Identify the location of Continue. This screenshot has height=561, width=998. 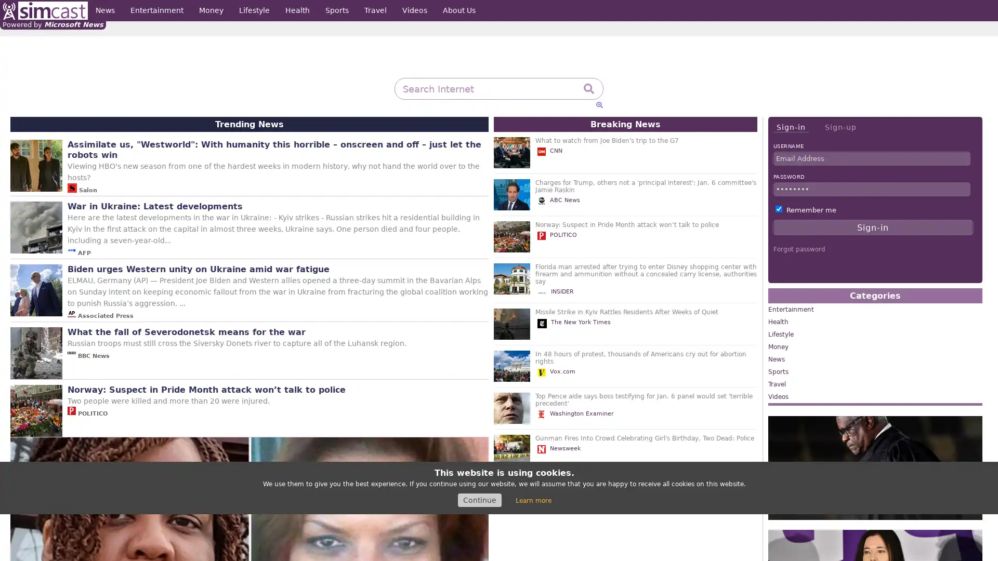
(479, 500).